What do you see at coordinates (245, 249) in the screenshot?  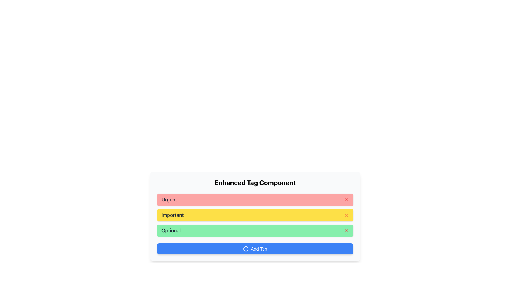 I see `the circular icon with a plus sign inside, located next to the 'Add Tag' button` at bounding box center [245, 249].